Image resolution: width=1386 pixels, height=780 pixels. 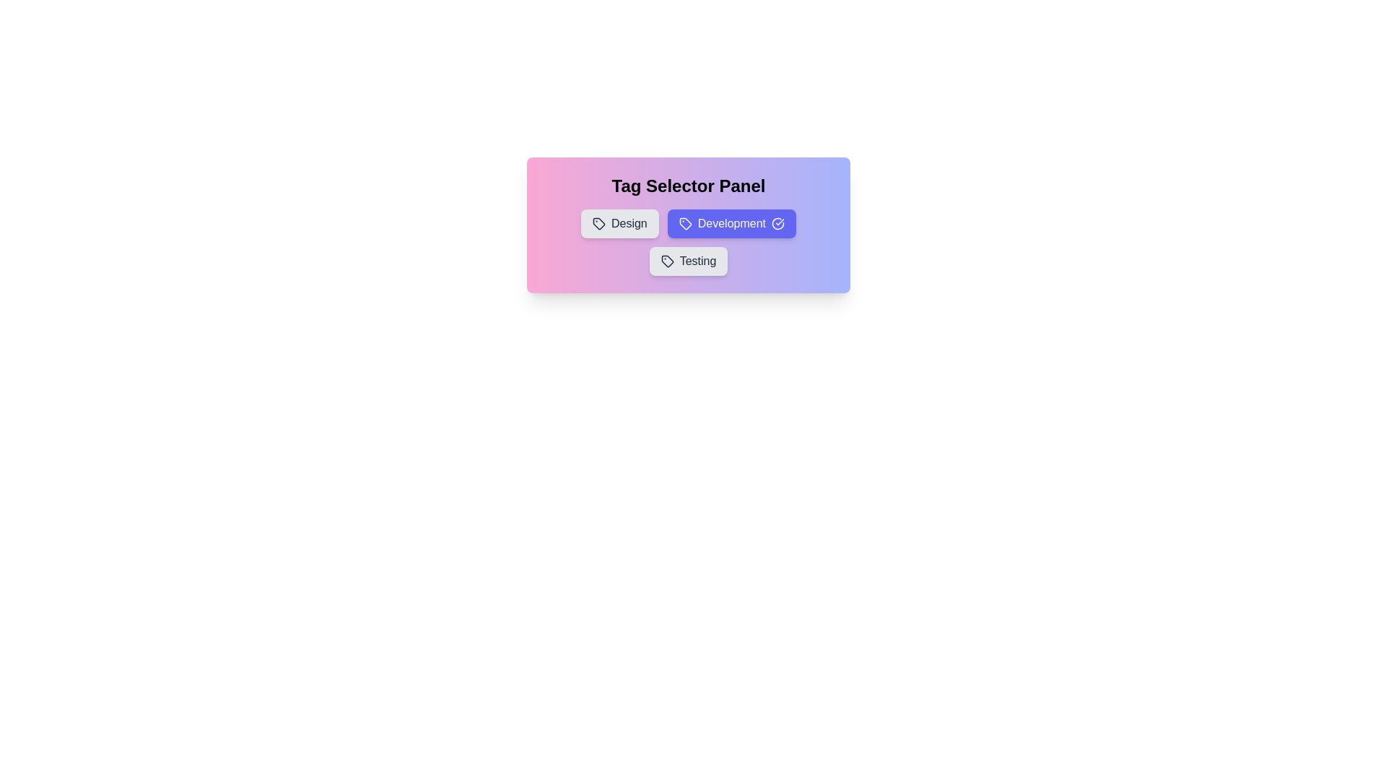 What do you see at coordinates (688, 261) in the screenshot?
I see `the tag Testing to observe the hover effect` at bounding box center [688, 261].